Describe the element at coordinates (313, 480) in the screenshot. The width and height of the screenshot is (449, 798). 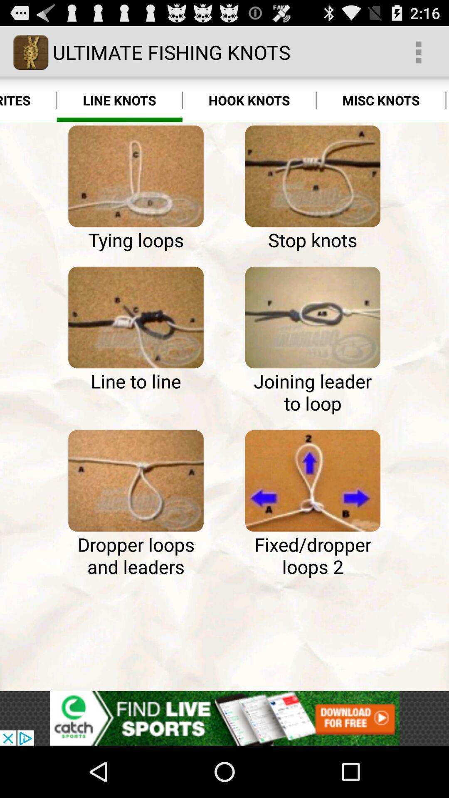
I see `open fixed/dropper loops 2` at that location.